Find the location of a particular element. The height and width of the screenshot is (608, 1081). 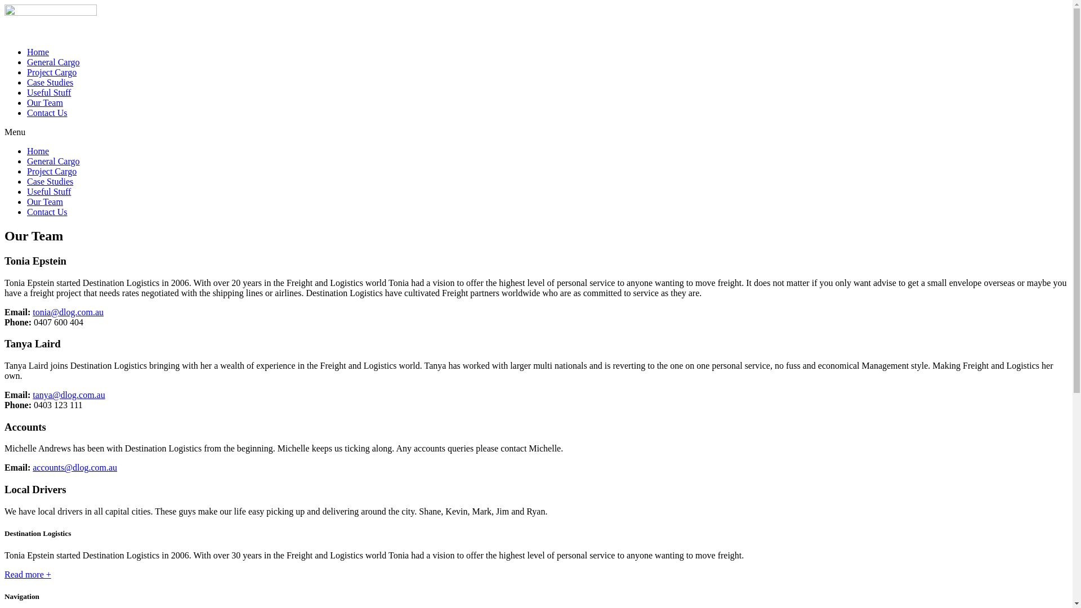

'Case Studies' is located at coordinates (27, 82).